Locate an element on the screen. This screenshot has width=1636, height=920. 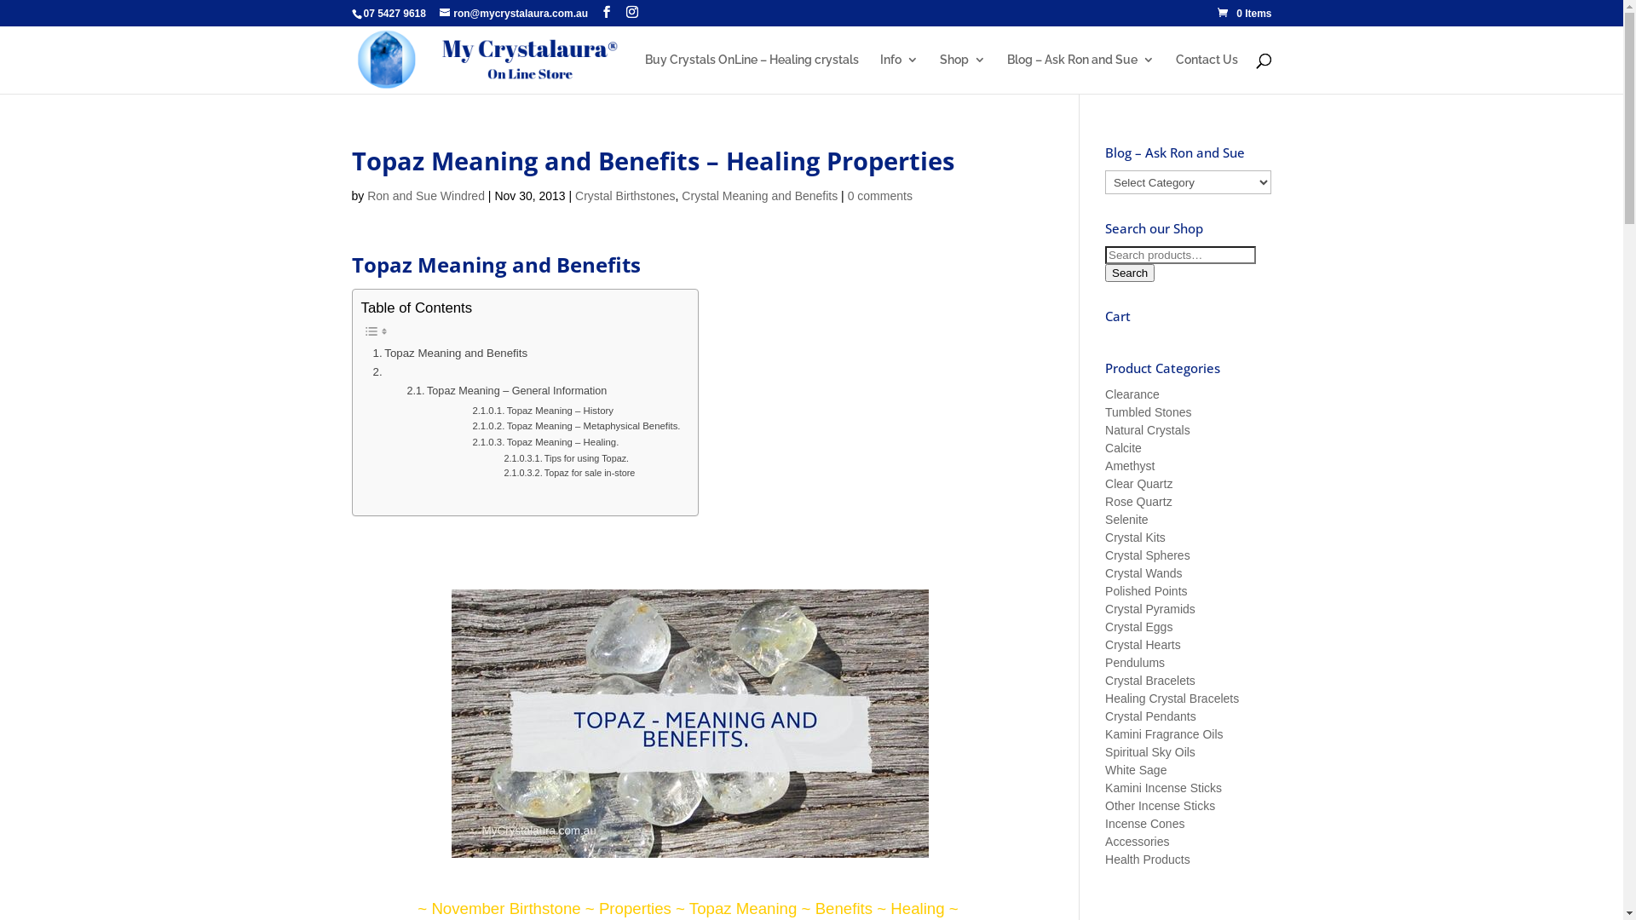
'Crystal Bracelets' is located at coordinates (1149, 679).